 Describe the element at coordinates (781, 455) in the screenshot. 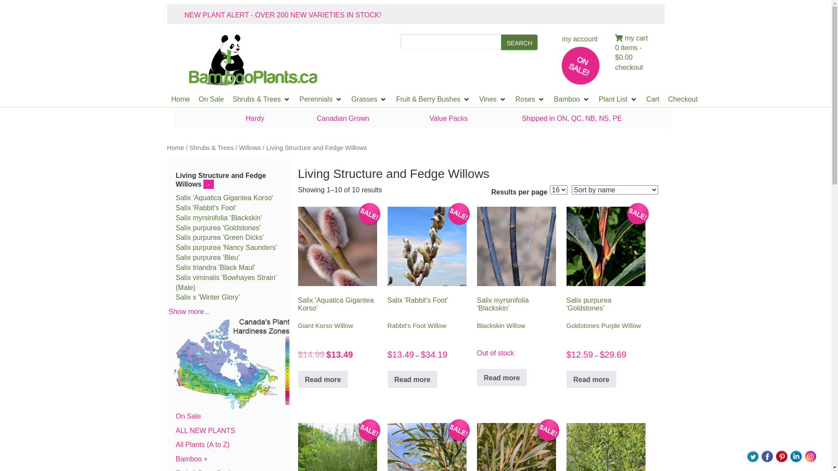

I see `'Visit Us On Pinterest'` at that location.